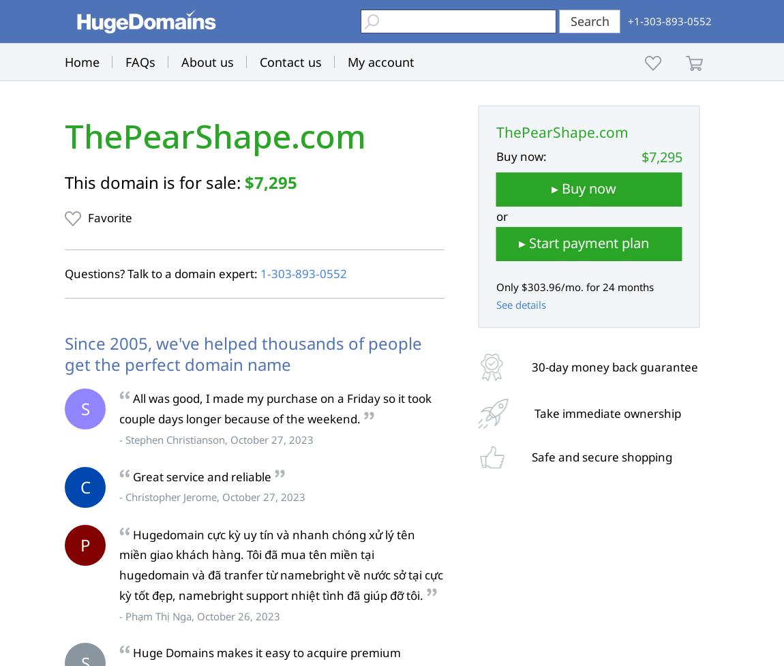 The width and height of the screenshot is (784, 666). I want to click on 'P', so click(84, 544).